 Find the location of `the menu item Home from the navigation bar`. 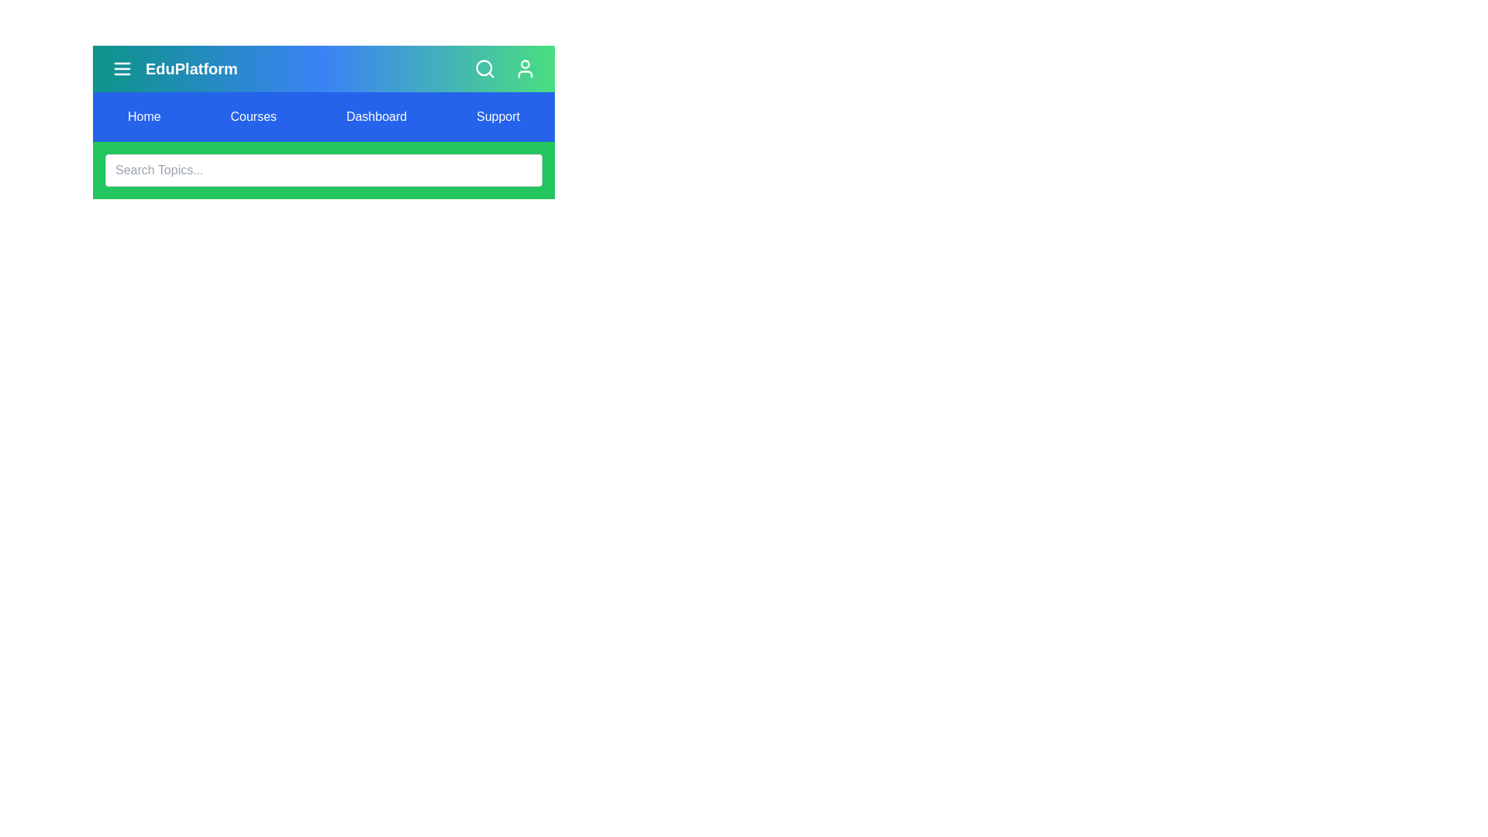

the menu item Home from the navigation bar is located at coordinates (144, 115).